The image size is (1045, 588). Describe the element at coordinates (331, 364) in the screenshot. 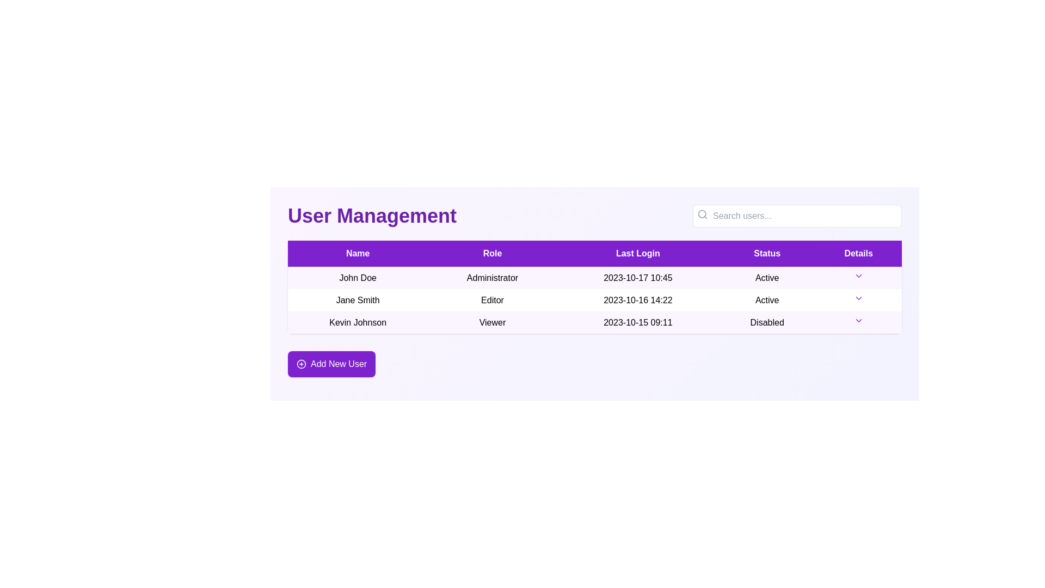

I see `the button located below the user details table` at that location.